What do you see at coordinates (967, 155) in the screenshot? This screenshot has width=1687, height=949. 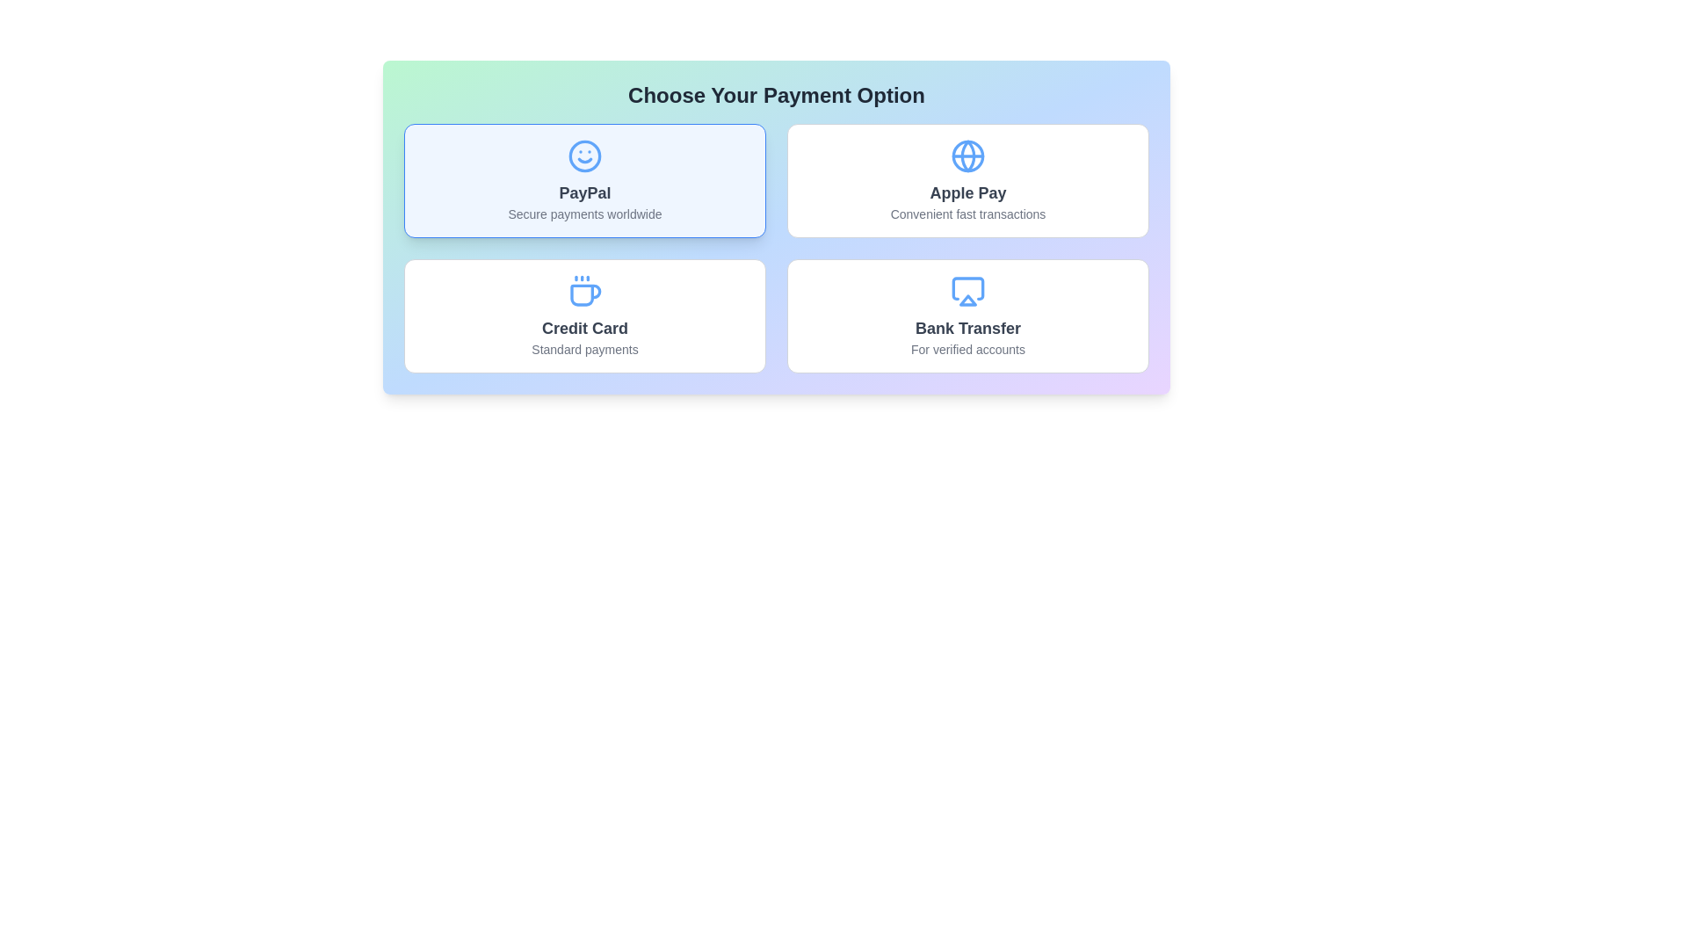 I see `the decorative SVG circle with a blue outline located at the center of the globe icon on the Apple Pay payment option card` at bounding box center [967, 155].